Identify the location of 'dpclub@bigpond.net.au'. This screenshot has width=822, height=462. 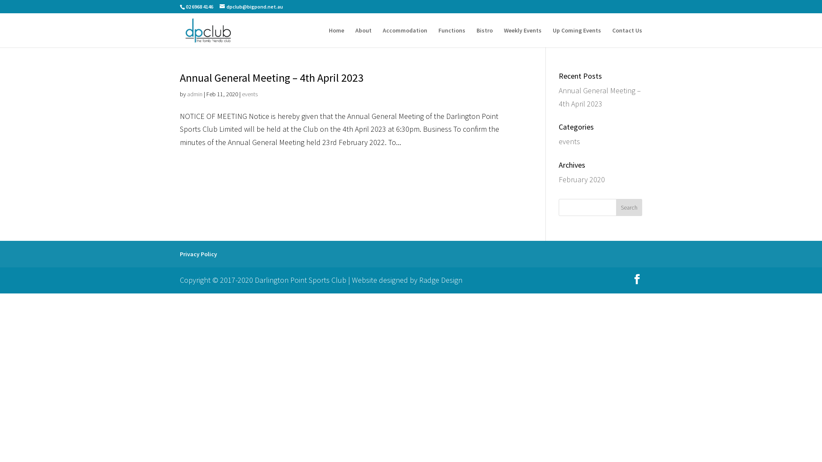
(250, 6).